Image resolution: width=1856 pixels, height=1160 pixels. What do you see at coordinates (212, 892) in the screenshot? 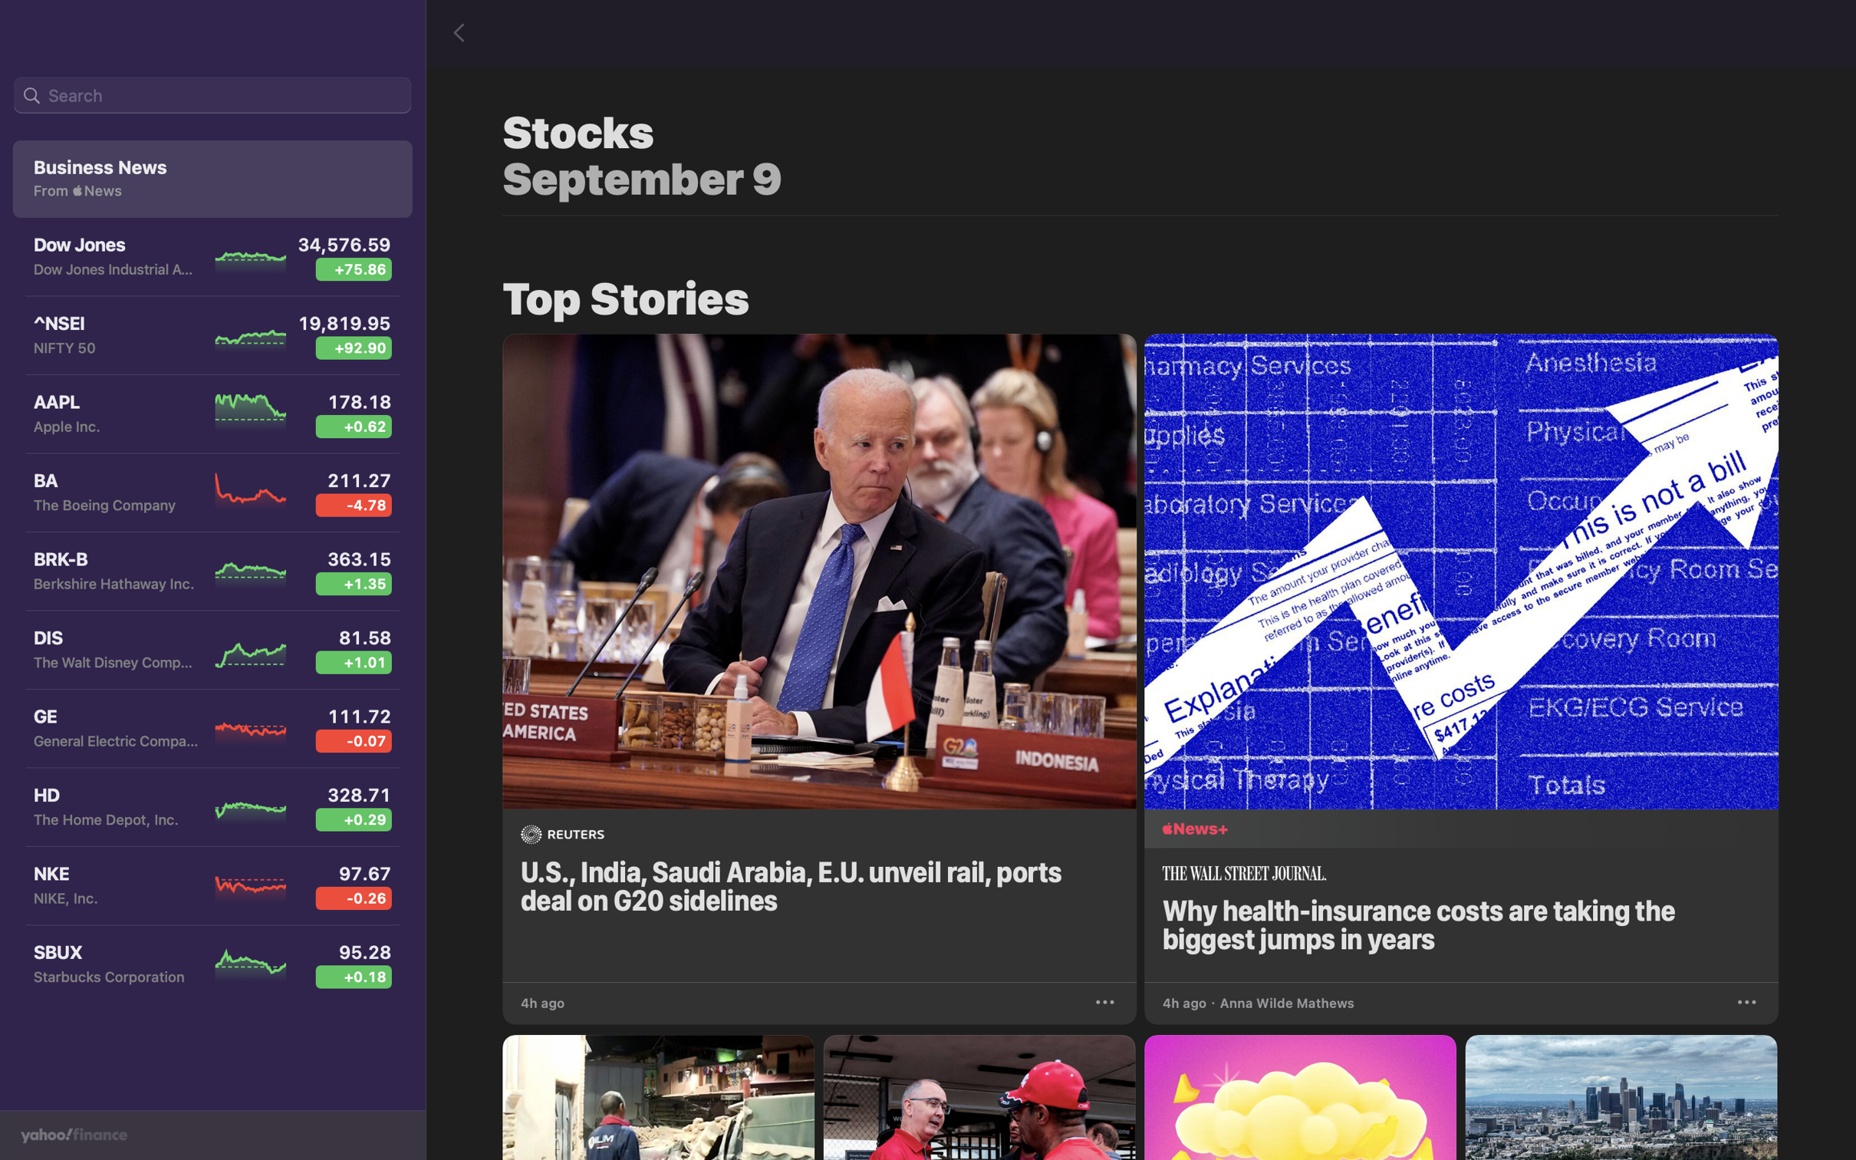
I see `the Nike stock for getting more info` at bounding box center [212, 892].